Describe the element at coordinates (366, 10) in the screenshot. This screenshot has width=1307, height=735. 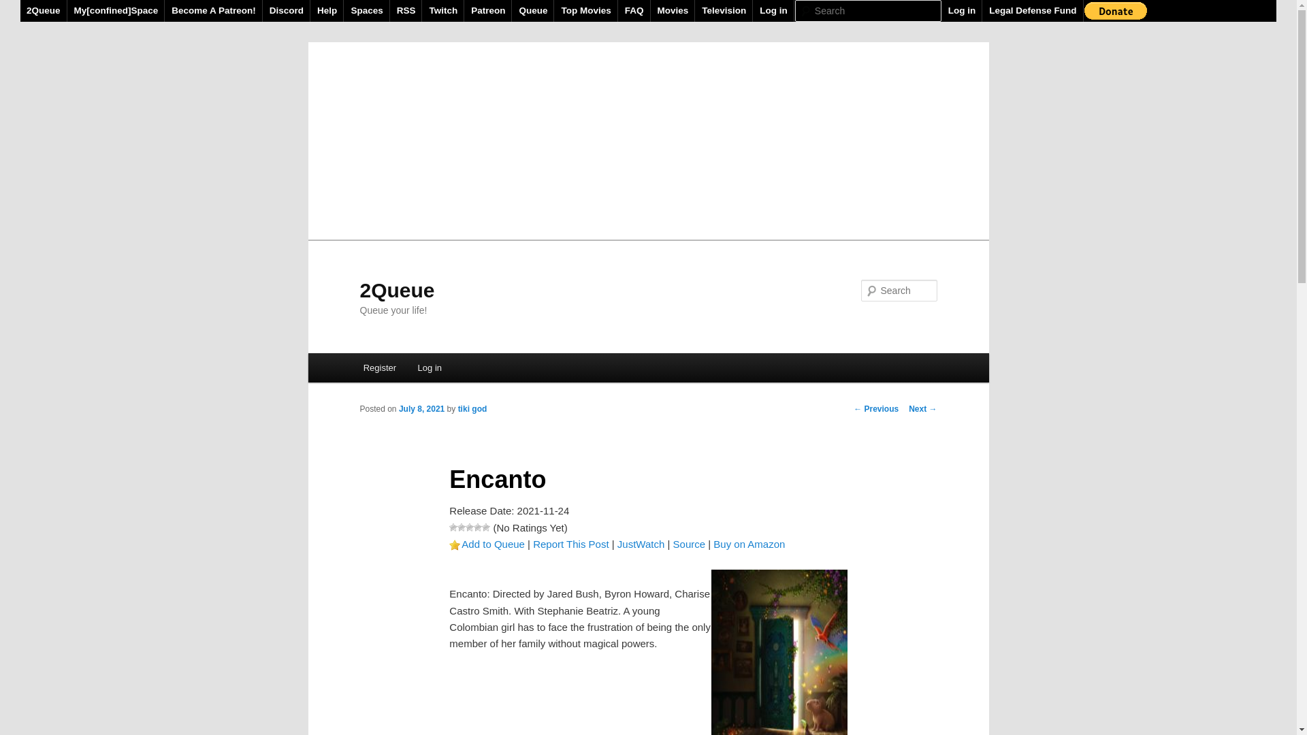
I see `'Spaces'` at that location.